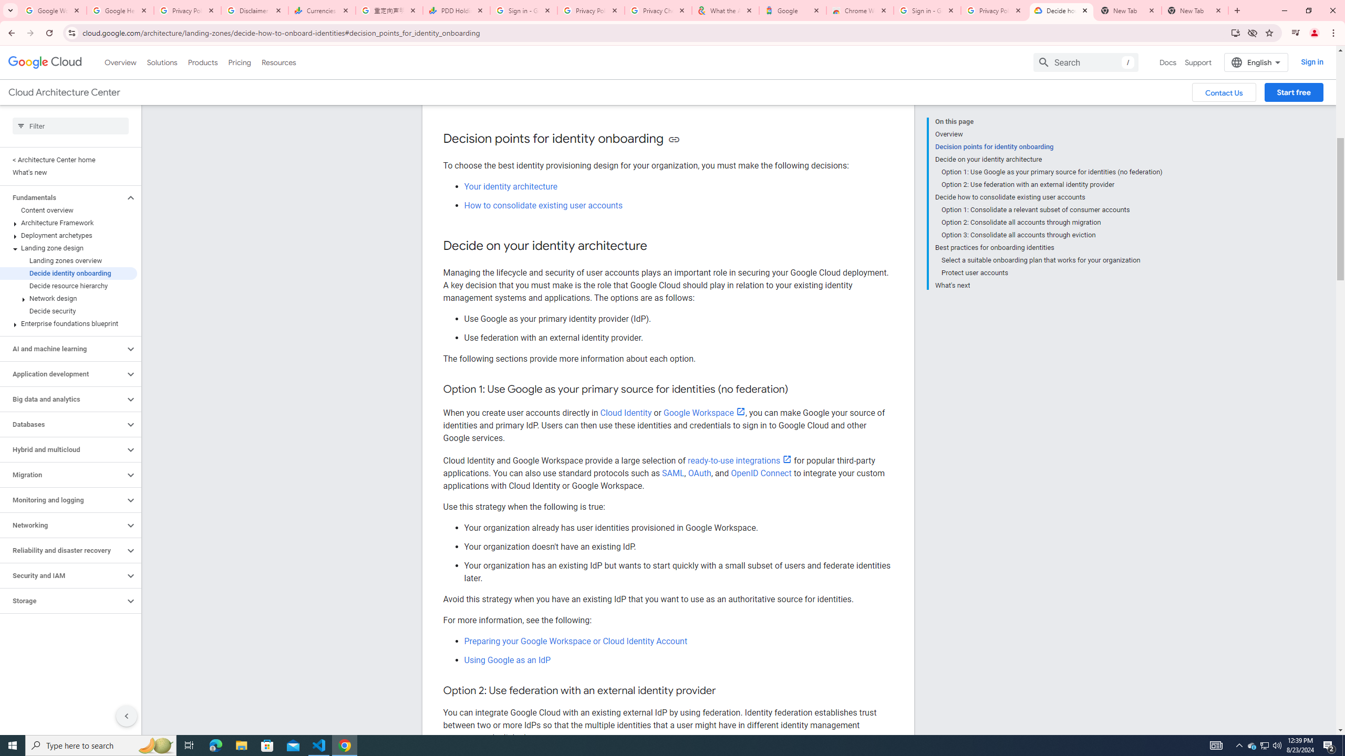  Describe the element at coordinates (202, 62) in the screenshot. I see `'Products'` at that location.